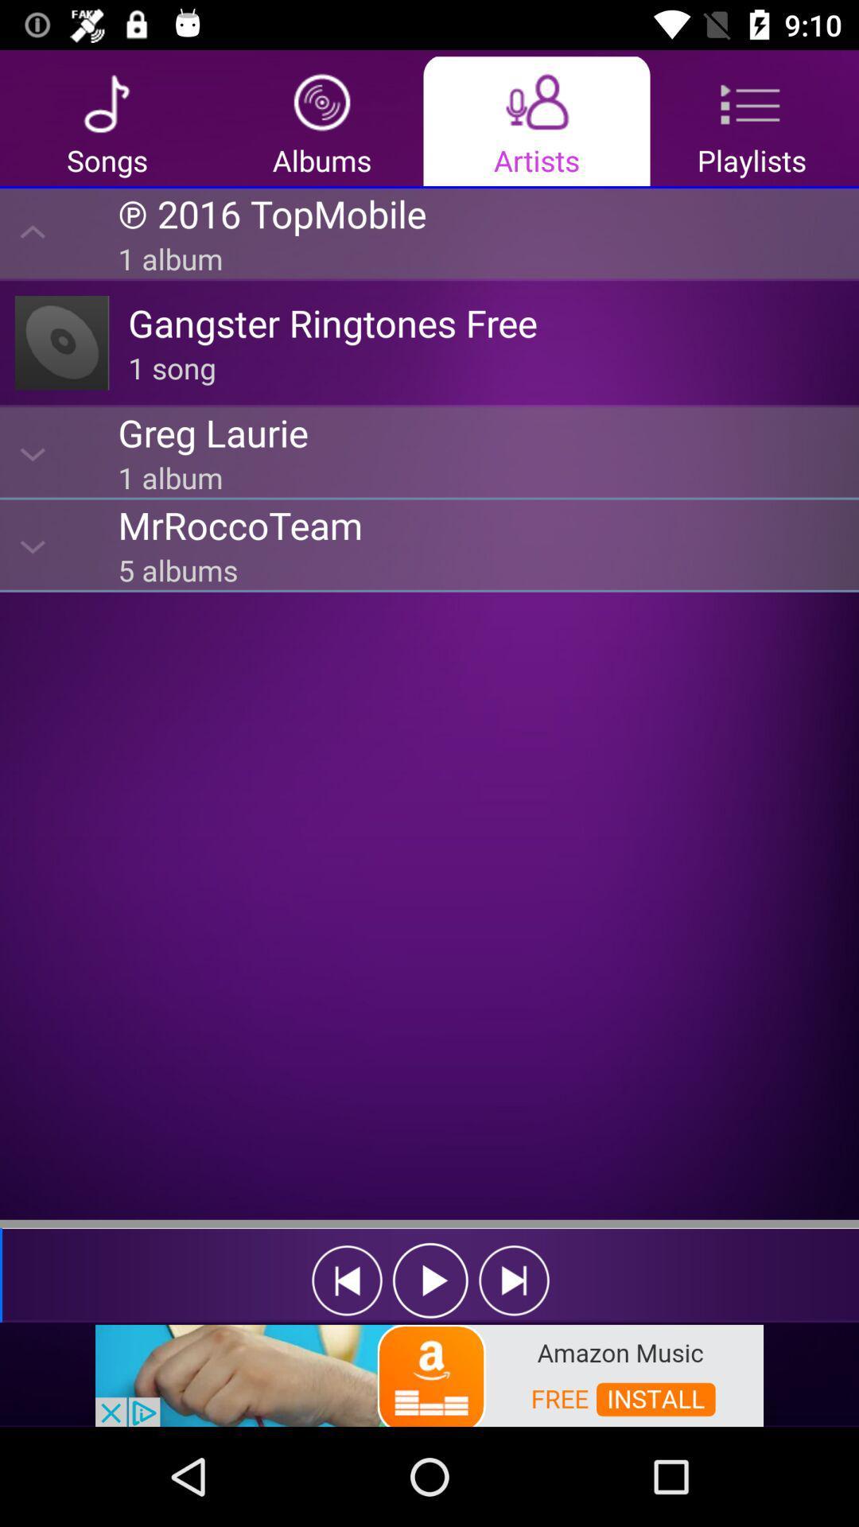 This screenshot has width=859, height=1527. Describe the element at coordinates (430, 1280) in the screenshot. I see `auto play button` at that location.